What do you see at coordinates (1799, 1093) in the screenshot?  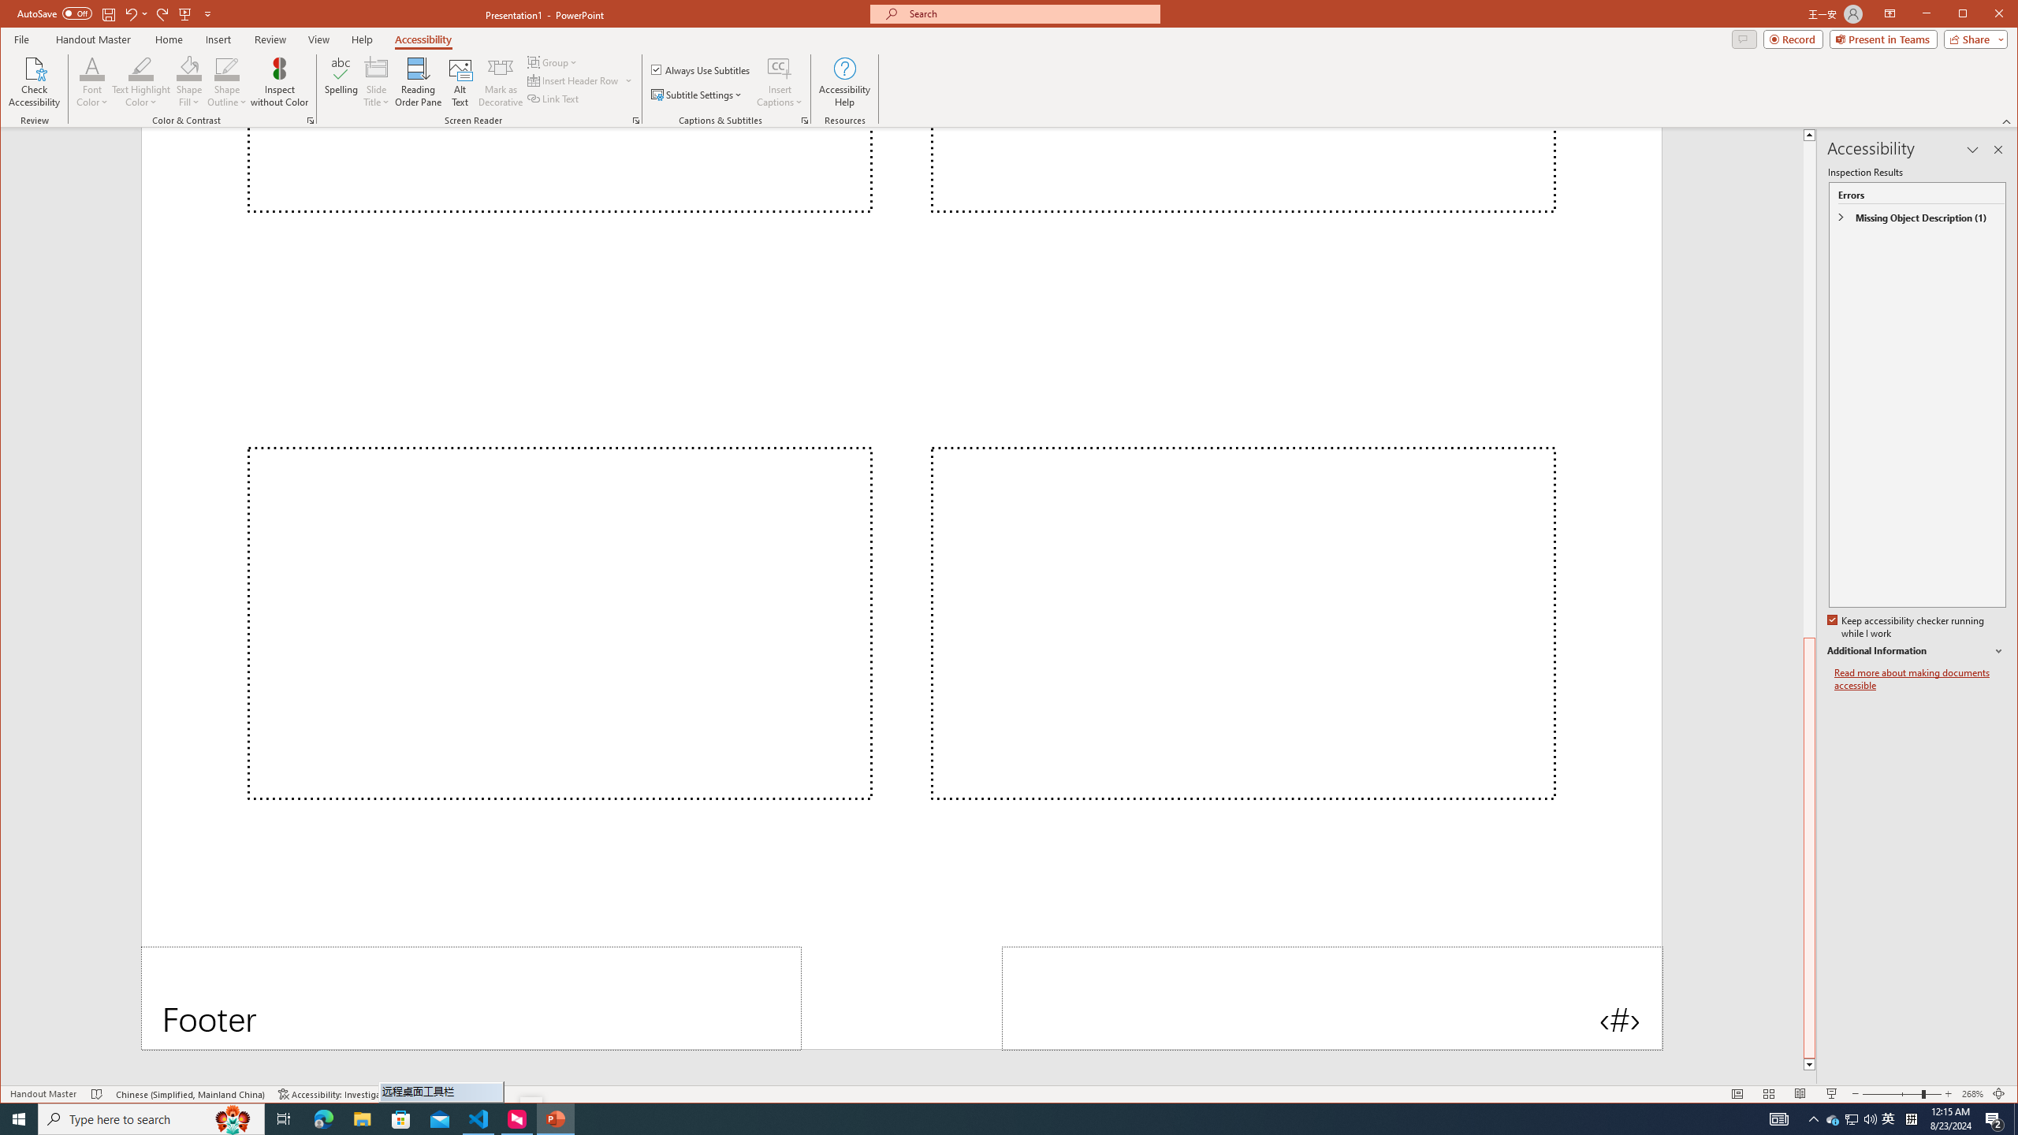 I see `'Reading View'` at bounding box center [1799, 1093].